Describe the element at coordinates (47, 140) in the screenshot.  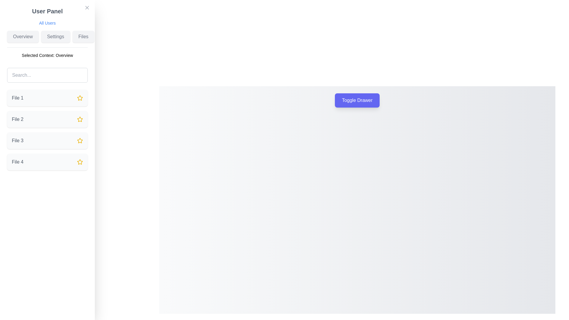
I see `the list item representing 'File 3'` at that location.